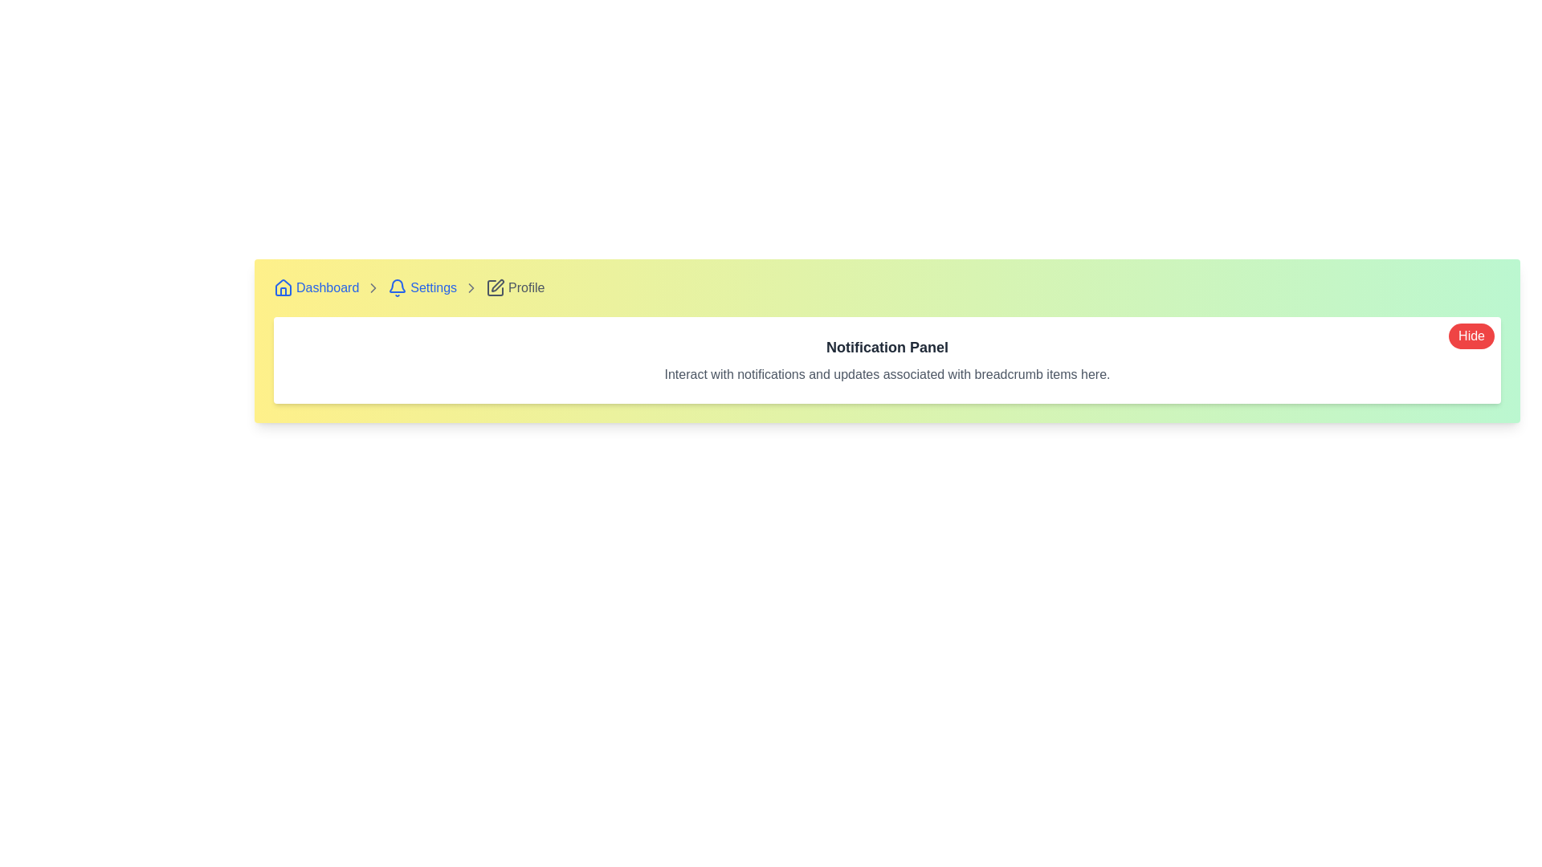 The width and height of the screenshot is (1542, 867). What do you see at coordinates (886, 374) in the screenshot?
I see `the contextual information text located below the 'Notification Panel' title in the notification panel structure` at bounding box center [886, 374].